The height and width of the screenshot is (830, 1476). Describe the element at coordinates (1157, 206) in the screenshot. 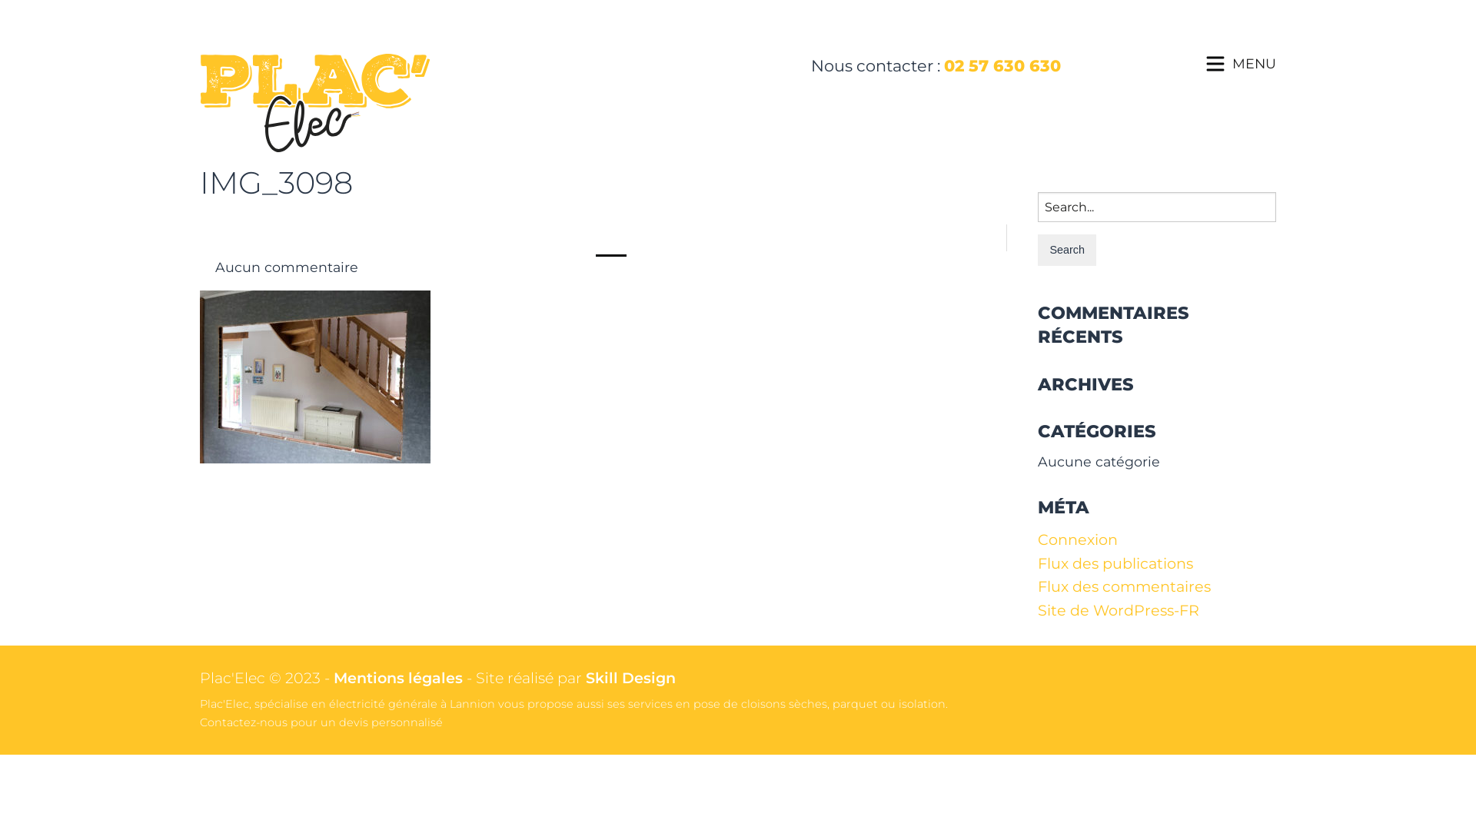

I see `'Search for:'` at that location.